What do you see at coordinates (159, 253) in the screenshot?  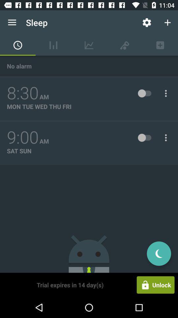 I see `set night mode` at bounding box center [159, 253].